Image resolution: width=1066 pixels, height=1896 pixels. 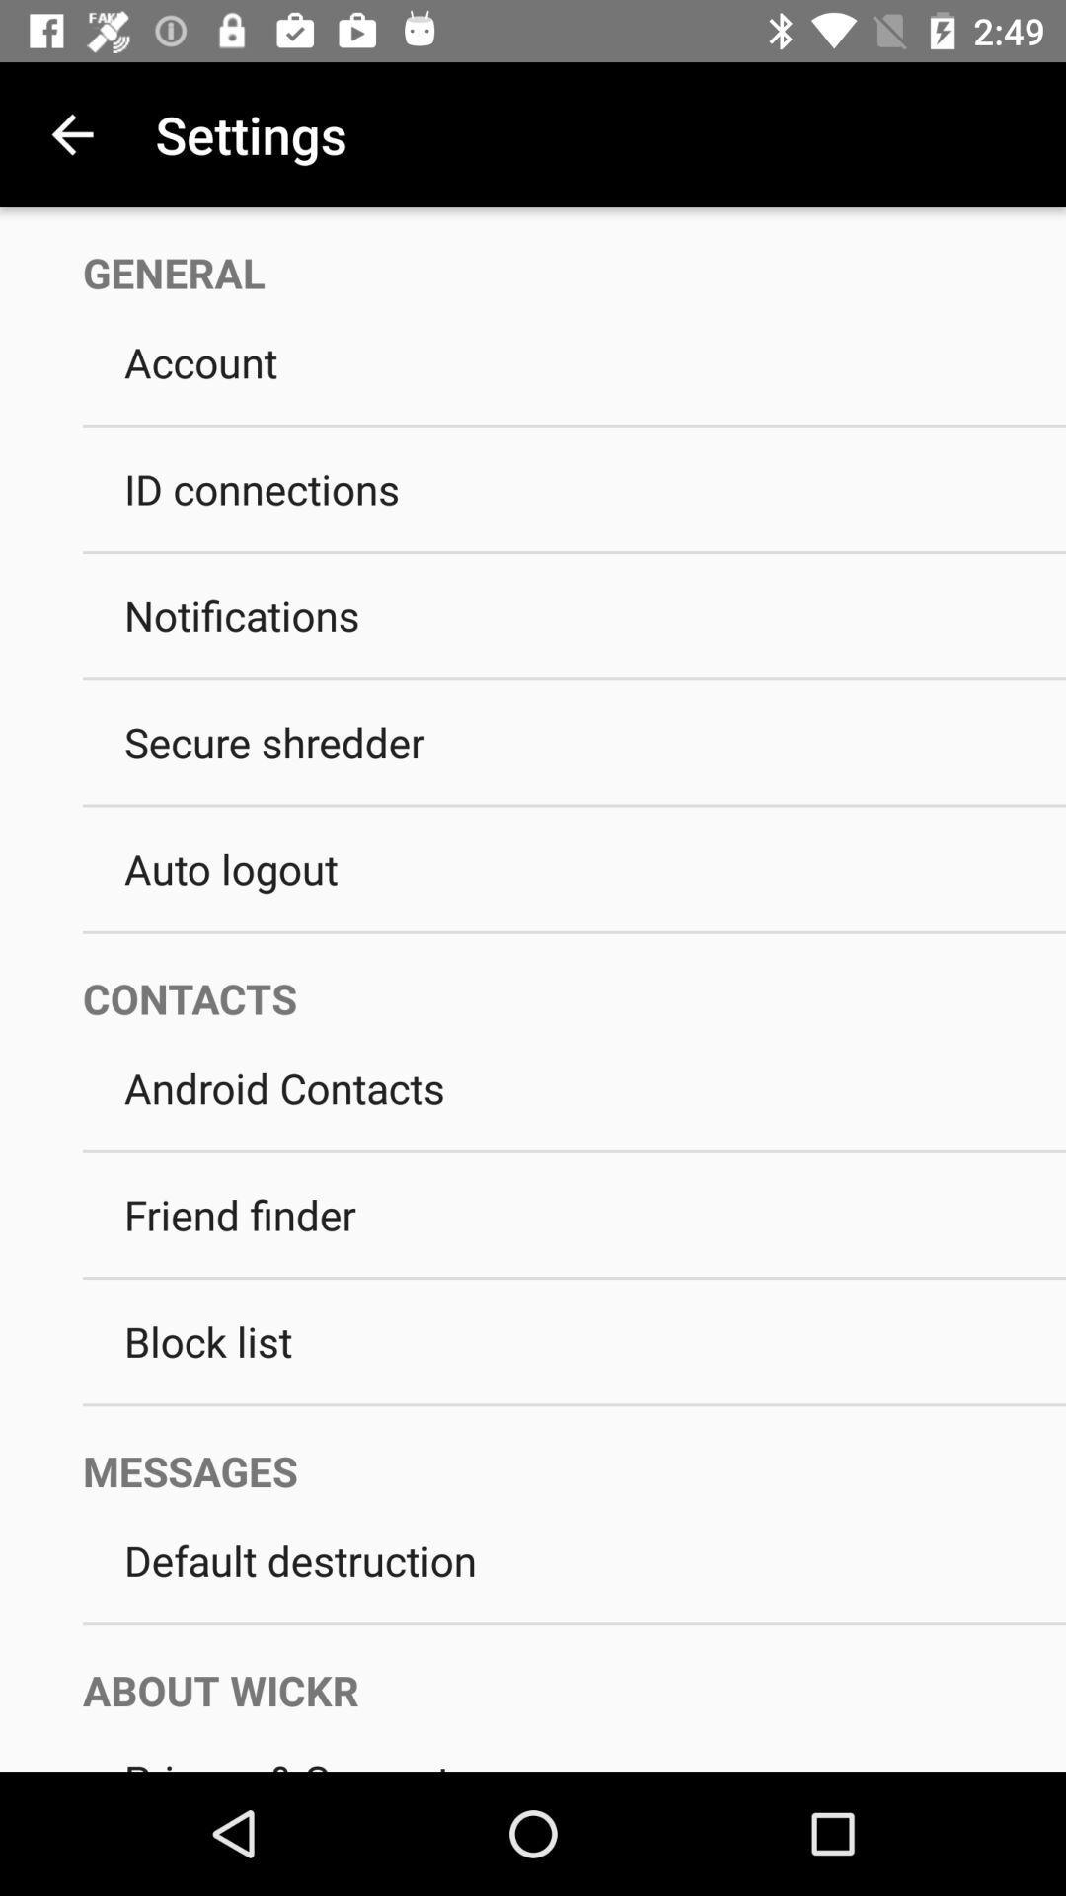 I want to click on app to the left of settings icon, so click(x=71, y=133).